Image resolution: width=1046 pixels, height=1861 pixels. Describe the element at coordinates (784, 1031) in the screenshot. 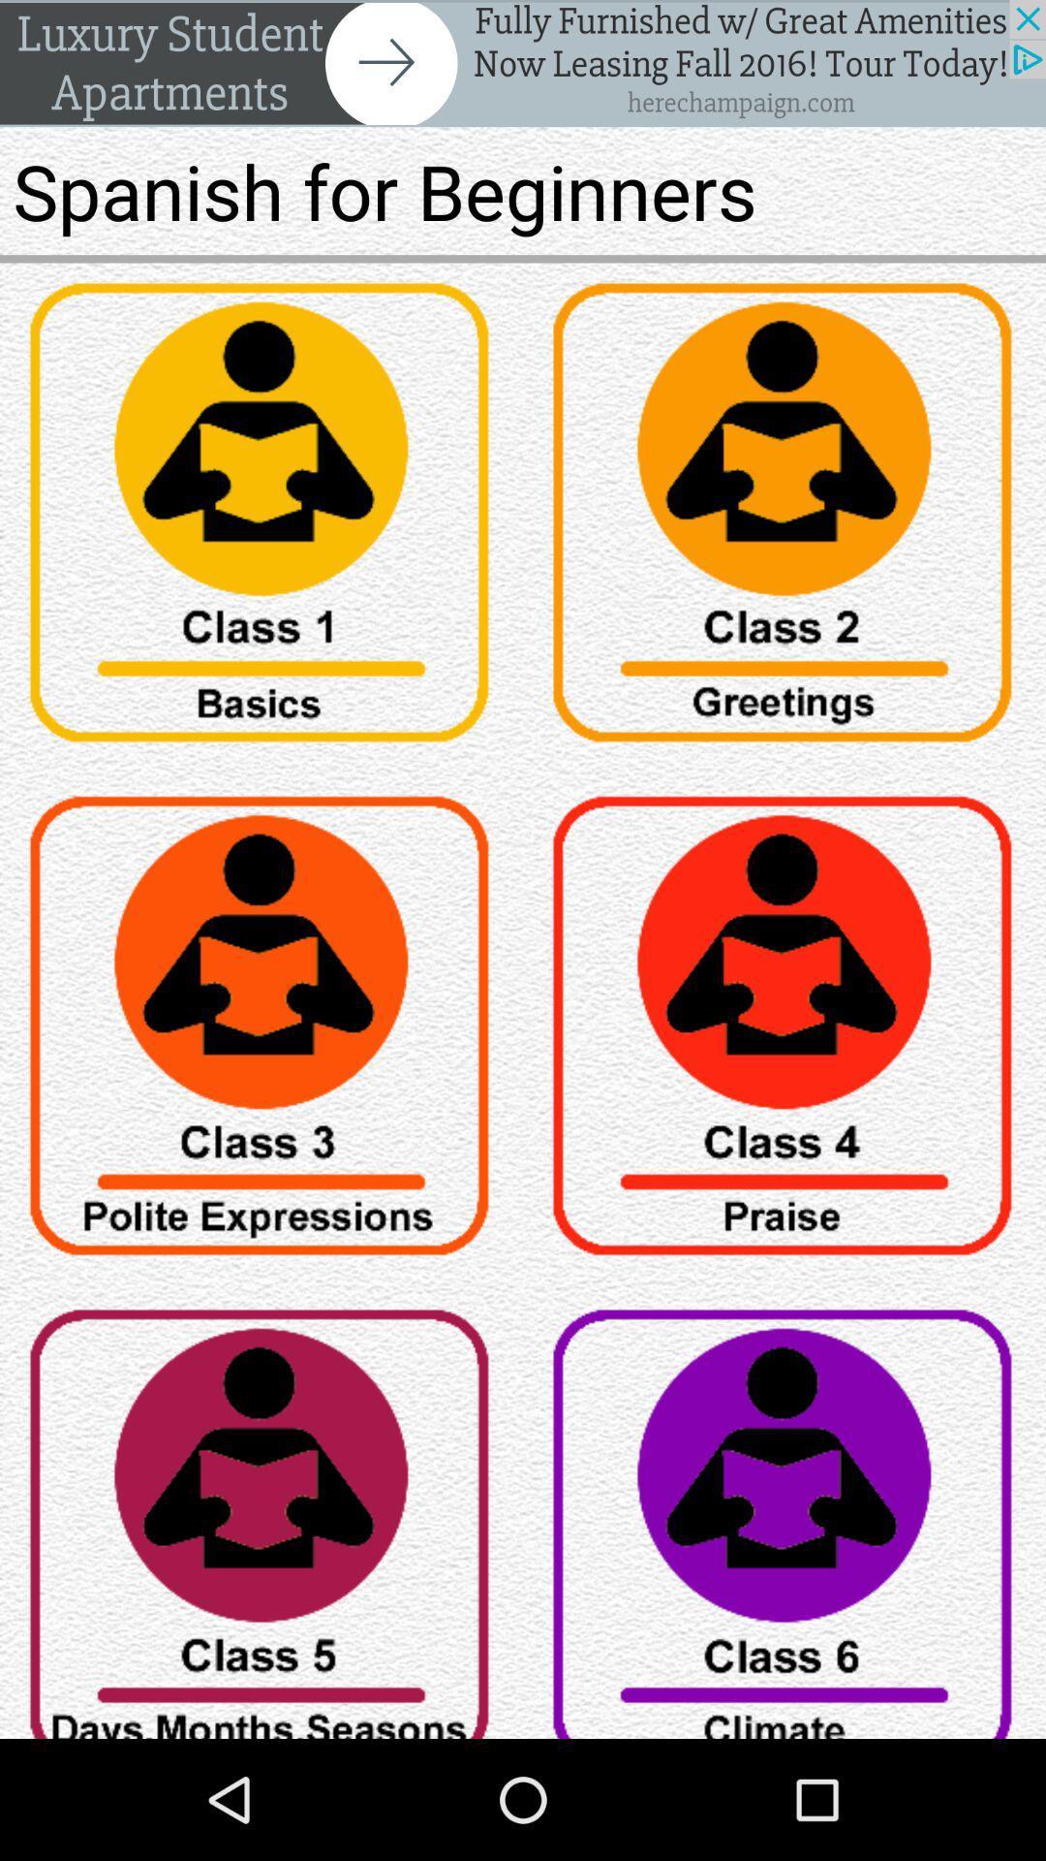

I see `tag` at that location.